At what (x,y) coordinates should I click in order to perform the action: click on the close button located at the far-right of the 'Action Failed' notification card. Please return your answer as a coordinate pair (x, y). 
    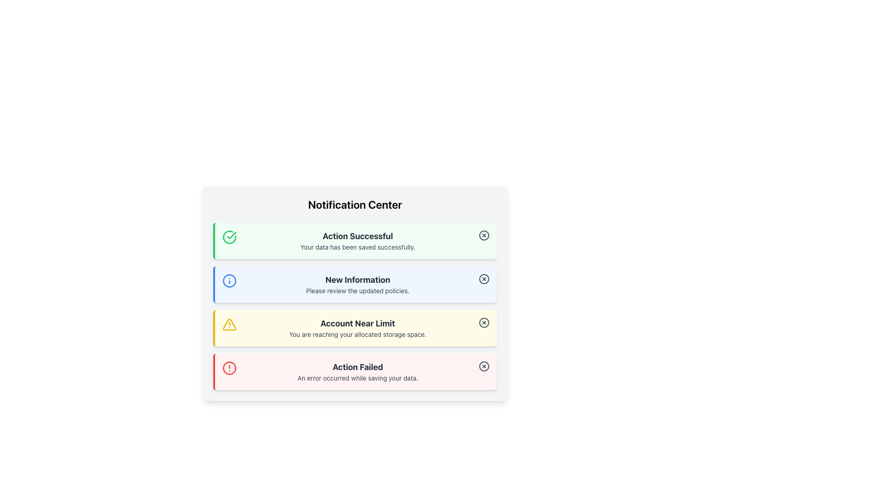
    Looking at the image, I should click on (484, 366).